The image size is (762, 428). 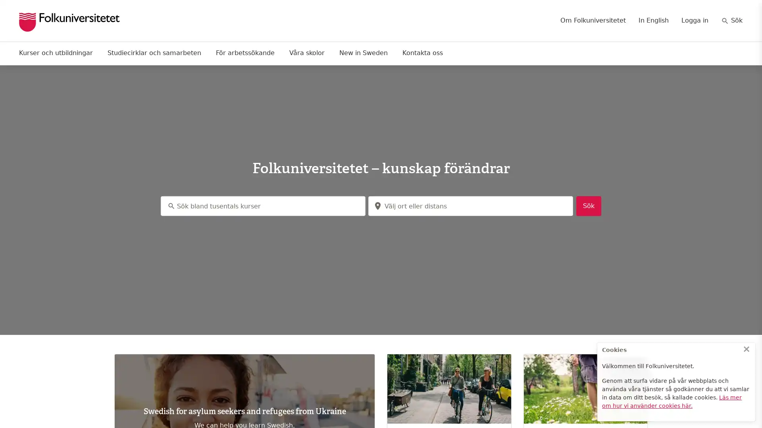 I want to click on Rensa sokfalt, so click(x=563, y=206).